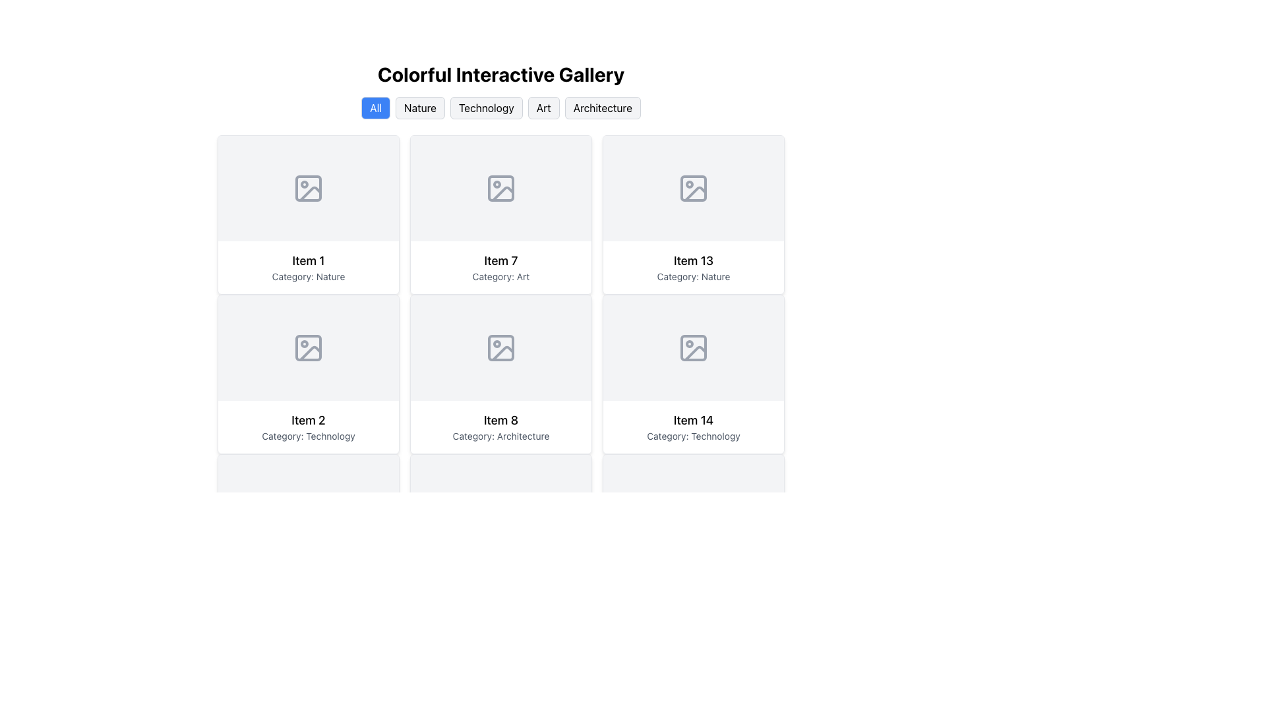  Describe the element at coordinates (307, 420) in the screenshot. I see `the text label 'Item 2', which is styled in bold and larger font, located at the top of a card layout in the second column of a grid` at that location.